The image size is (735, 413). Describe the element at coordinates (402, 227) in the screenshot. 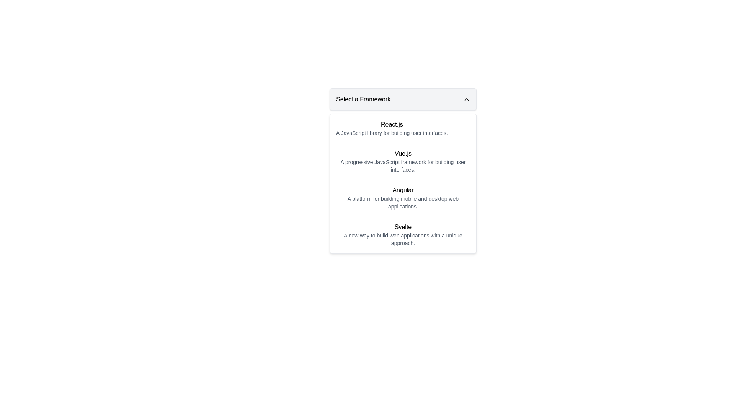

I see `the 'Svelte' text label located in the lower portion of the dropdown menu` at that location.